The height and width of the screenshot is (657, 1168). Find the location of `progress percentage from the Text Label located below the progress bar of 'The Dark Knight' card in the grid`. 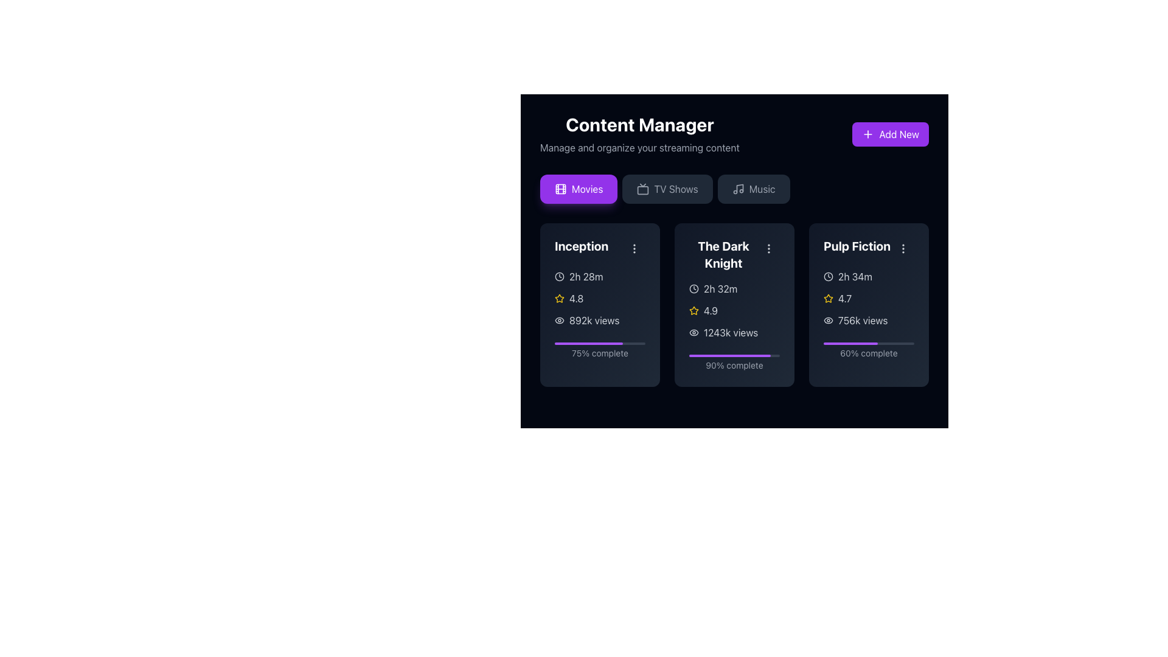

progress percentage from the Text Label located below the progress bar of 'The Dark Knight' card in the grid is located at coordinates (734, 365).